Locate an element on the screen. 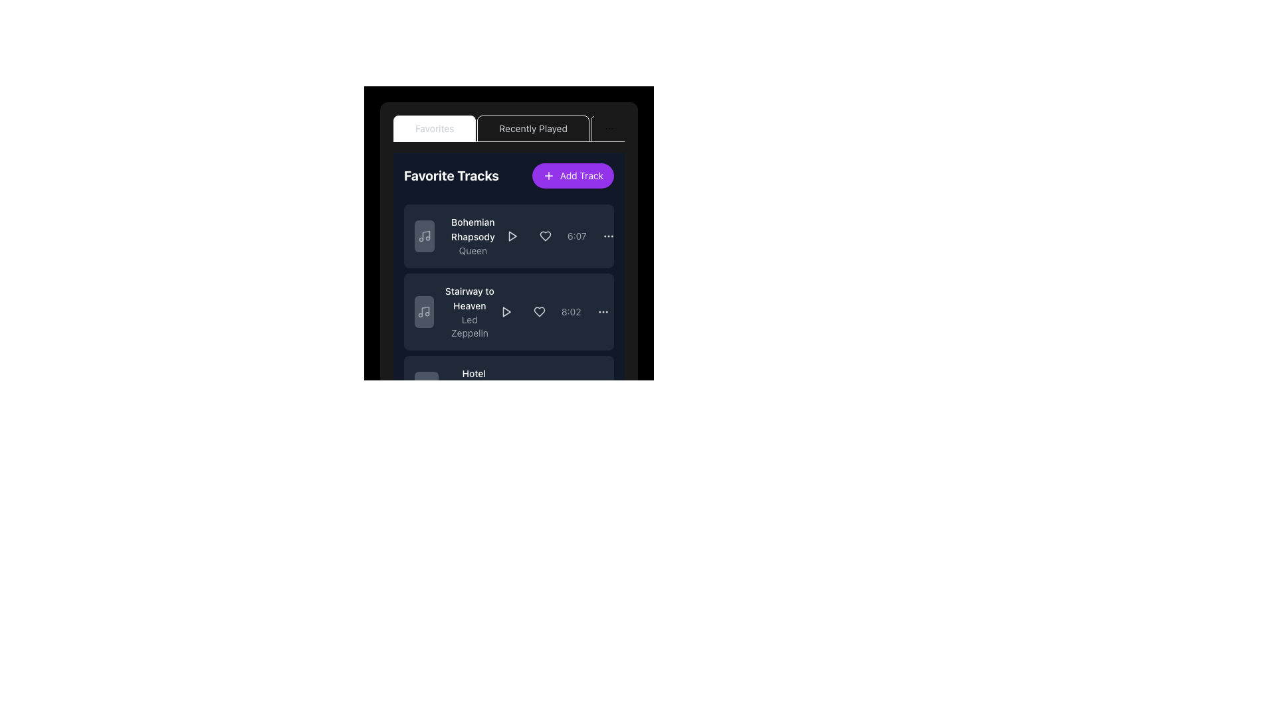  the 'Favorite Tracks' content section to interact with the listed tracks is located at coordinates (508, 293).